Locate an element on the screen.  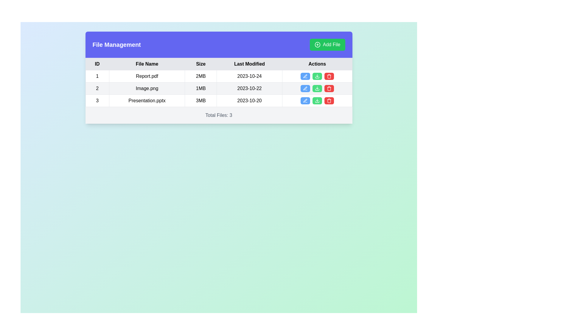
the text label displaying 'Image.png' in the second column of the second row of the table under the 'File Name' header is located at coordinates (147, 89).